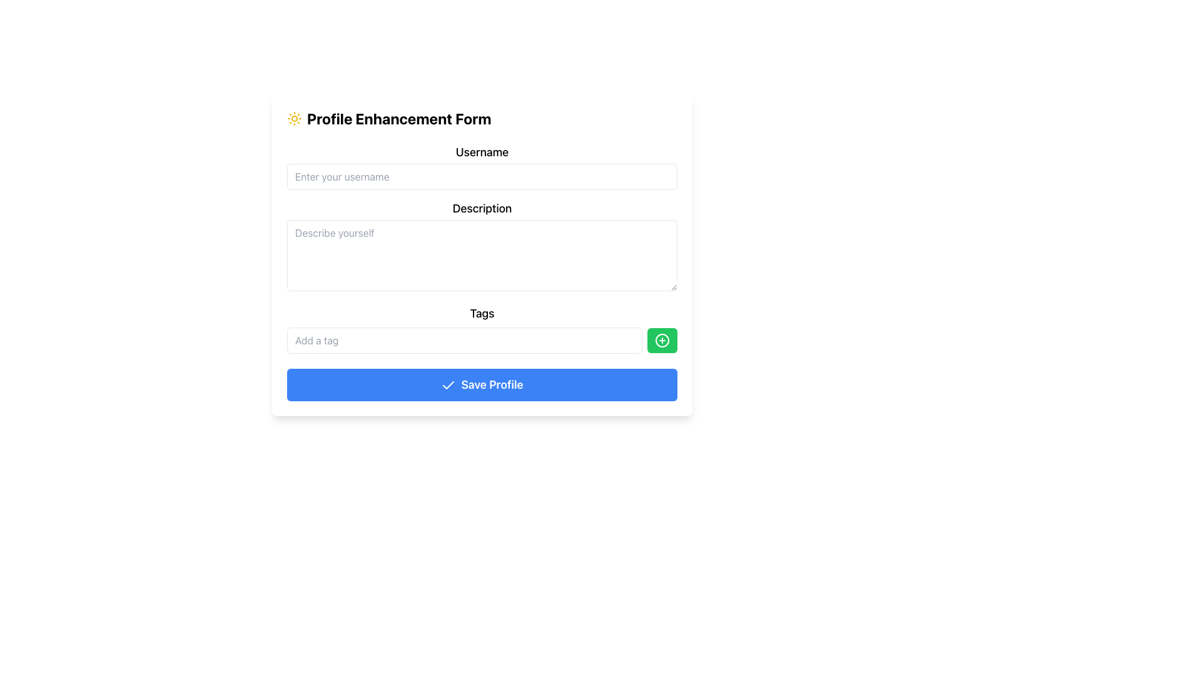 The height and width of the screenshot is (675, 1201). Describe the element at coordinates (482, 384) in the screenshot. I see `the 'Save Profile' button, which is a rectangular button with a blue background and white text, located at the bottom of the 'Profile Enhancement Form'` at that location.